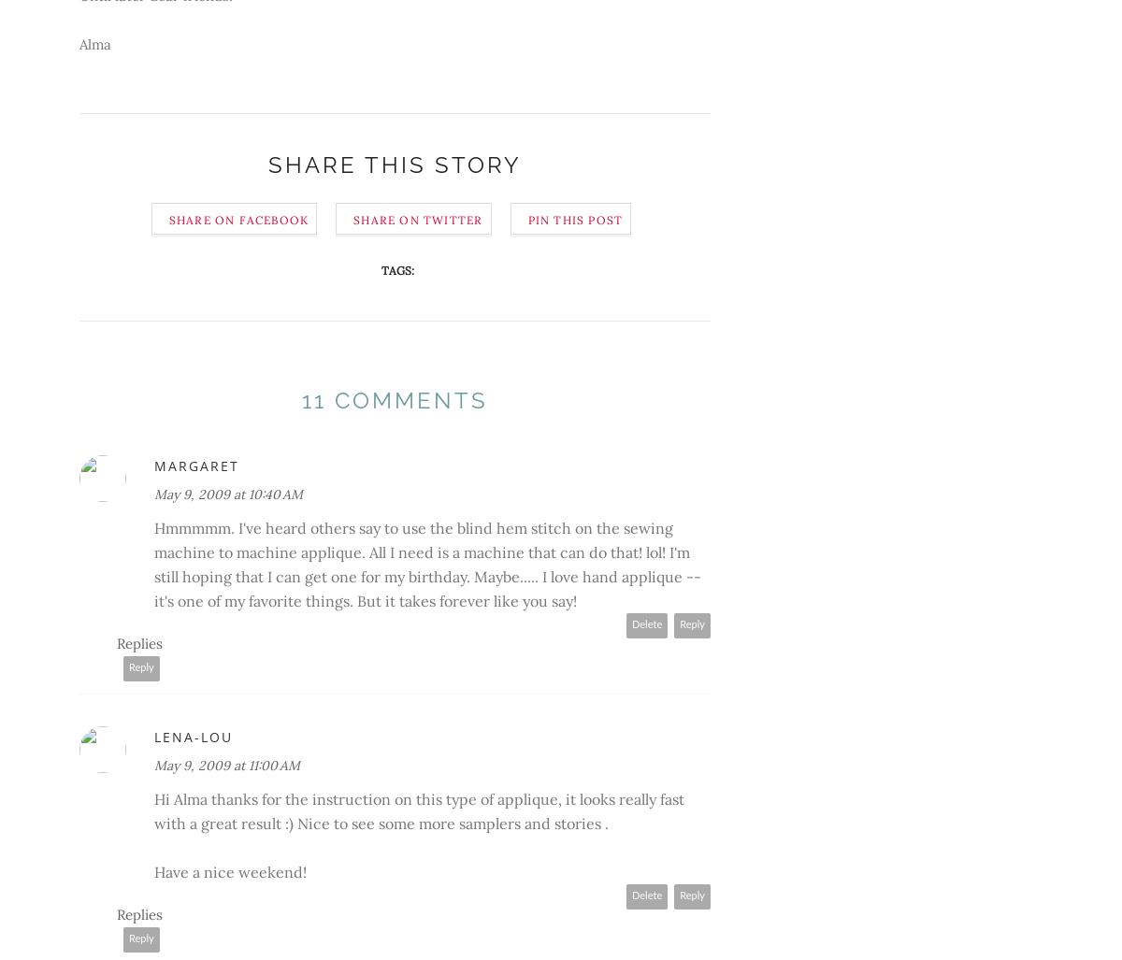 The image size is (1122, 960). What do you see at coordinates (575, 219) in the screenshot?
I see `'Pin this Post'` at bounding box center [575, 219].